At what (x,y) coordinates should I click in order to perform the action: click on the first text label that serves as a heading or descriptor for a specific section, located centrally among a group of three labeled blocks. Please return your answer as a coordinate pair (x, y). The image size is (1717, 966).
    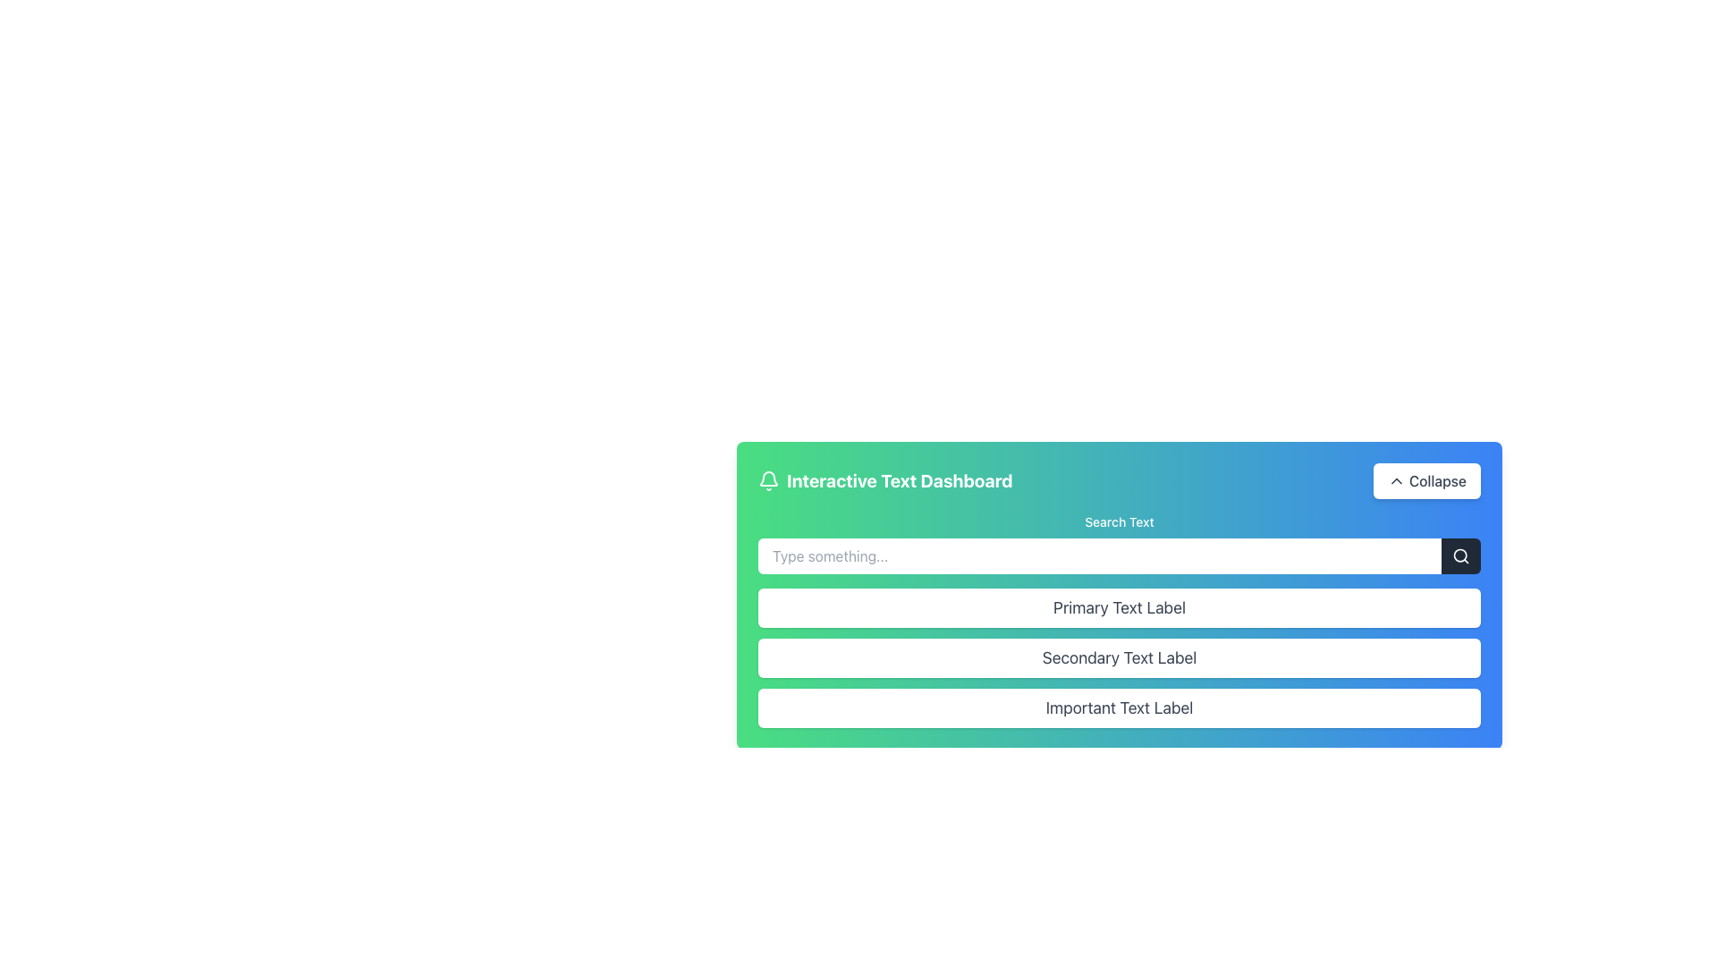
    Looking at the image, I should click on (1119, 620).